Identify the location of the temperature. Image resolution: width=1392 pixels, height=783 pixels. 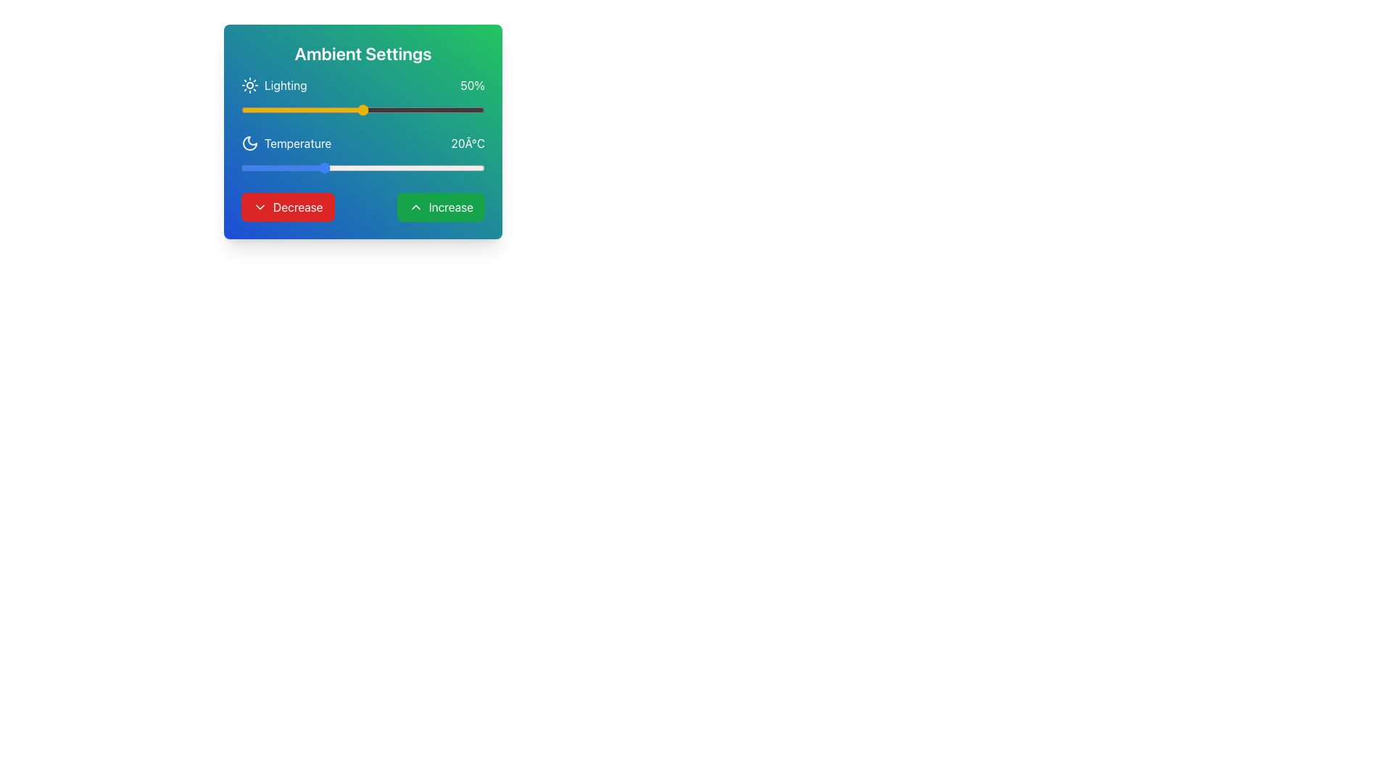
(355, 167).